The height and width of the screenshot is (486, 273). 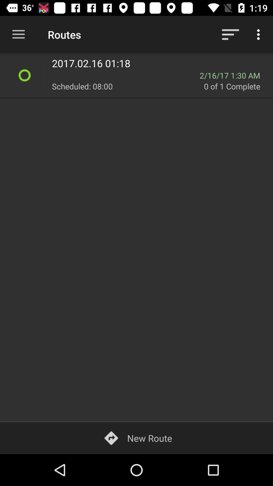 I want to click on the item next to the 2 16 17 icon, so click(x=125, y=75).